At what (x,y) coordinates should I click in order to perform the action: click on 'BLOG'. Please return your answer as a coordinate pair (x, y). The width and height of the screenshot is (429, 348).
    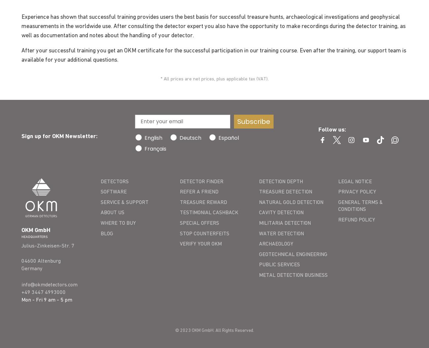
    Looking at the image, I should click on (107, 233).